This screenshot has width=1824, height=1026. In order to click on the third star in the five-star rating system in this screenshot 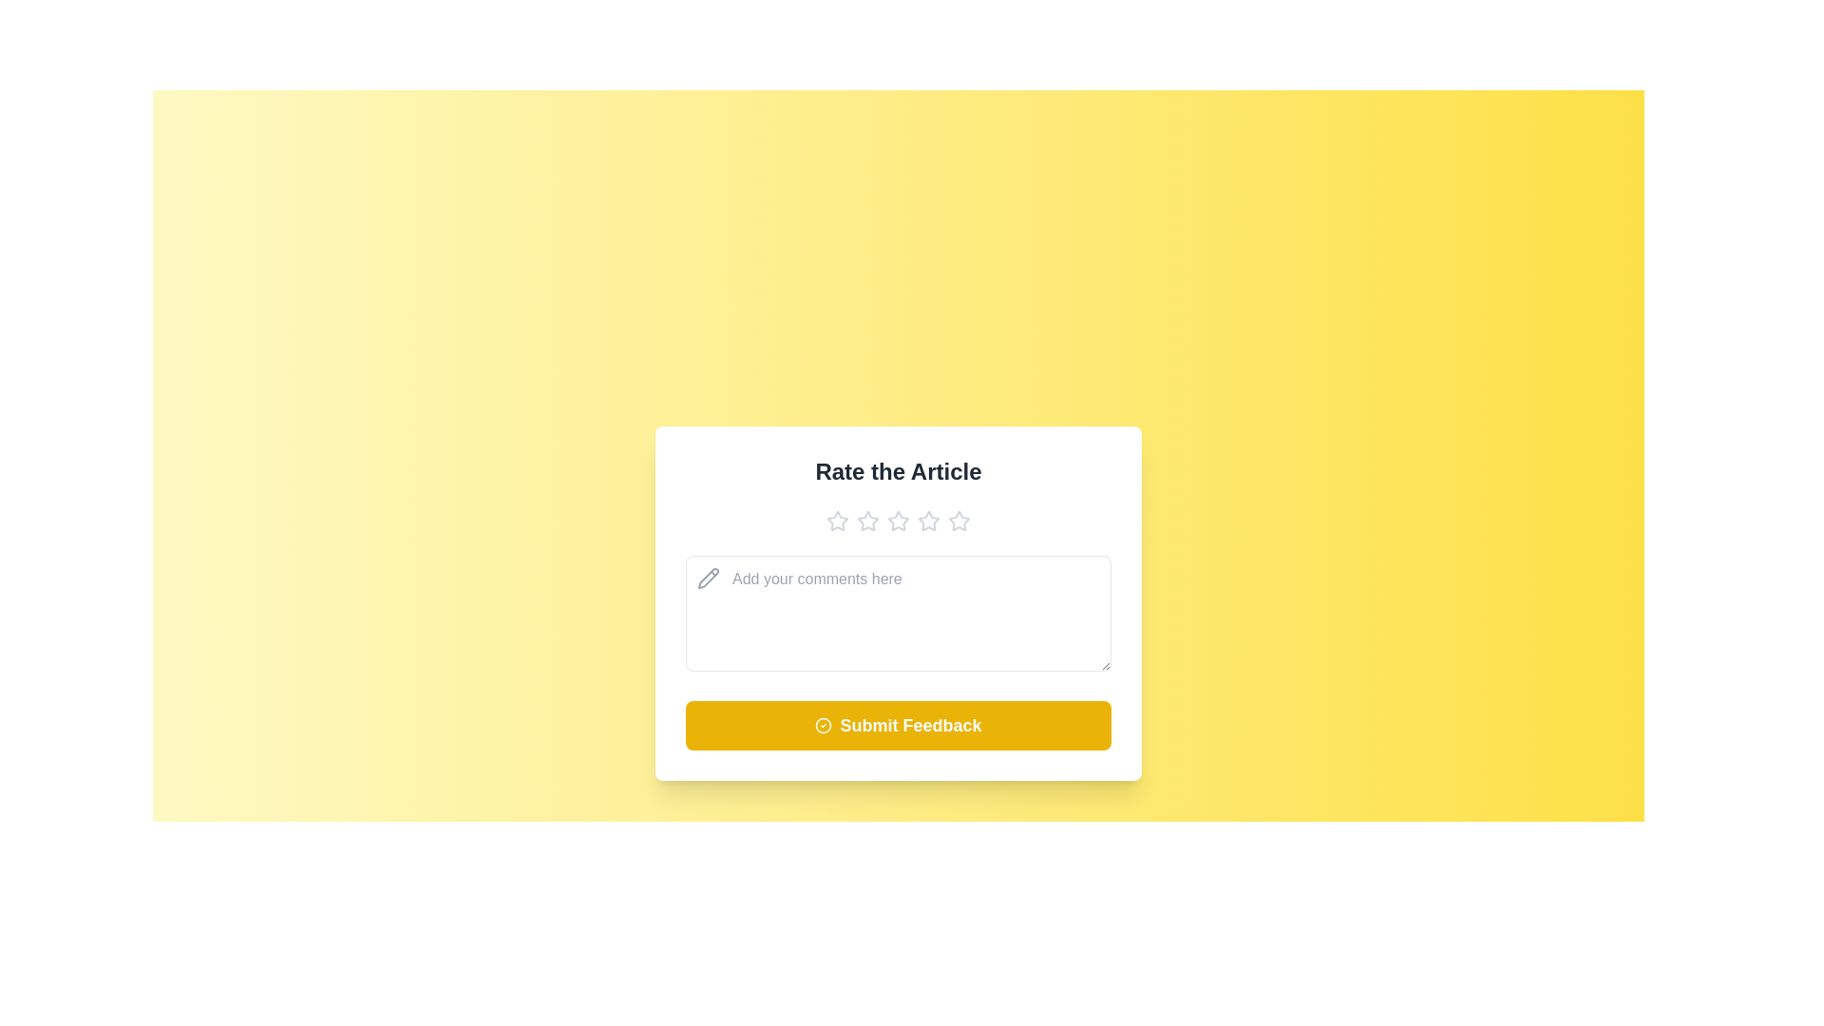, I will do `click(929, 520)`.